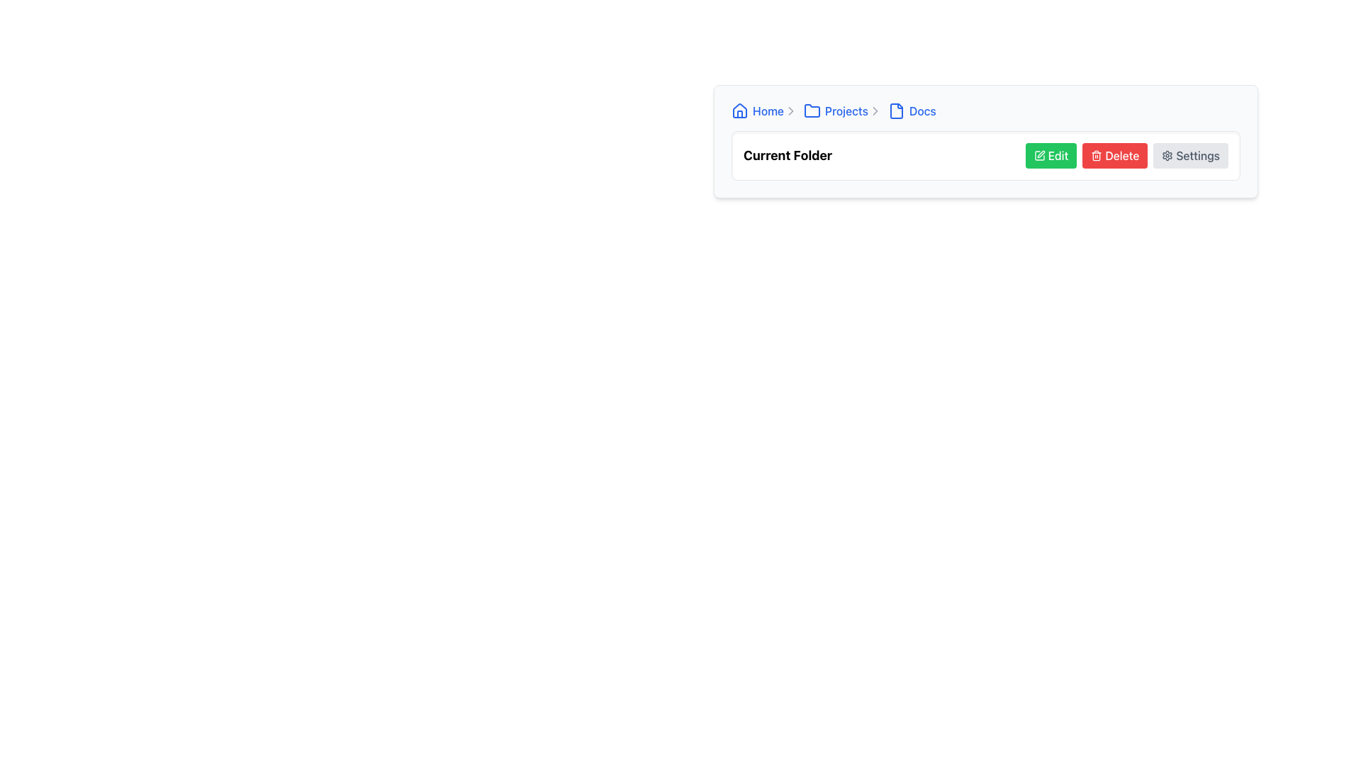 The image size is (1361, 765). I want to click on the 'Home' icon in the breadcrumb navigation bar, which is the first element on the left of the 'Home' text, so click(739, 110).